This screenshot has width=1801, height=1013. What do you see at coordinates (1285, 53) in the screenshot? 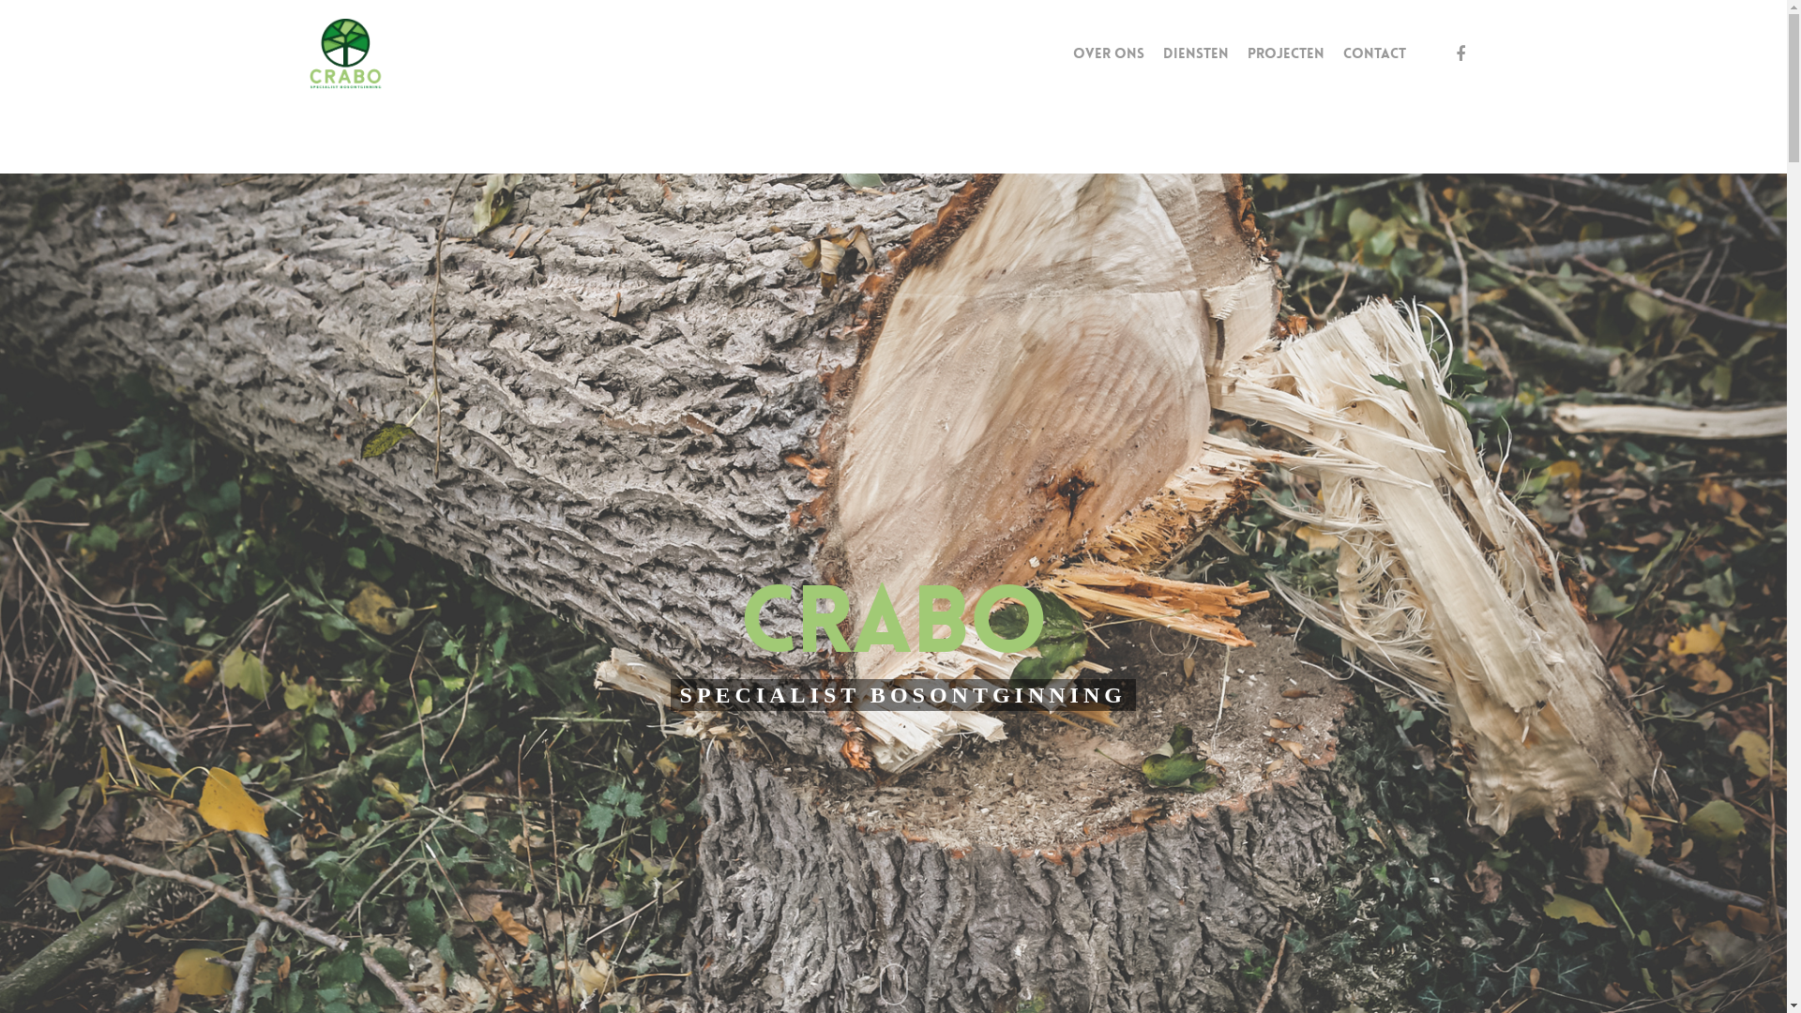
I see `'PROJECTEN'` at bounding box center [1285, 53].